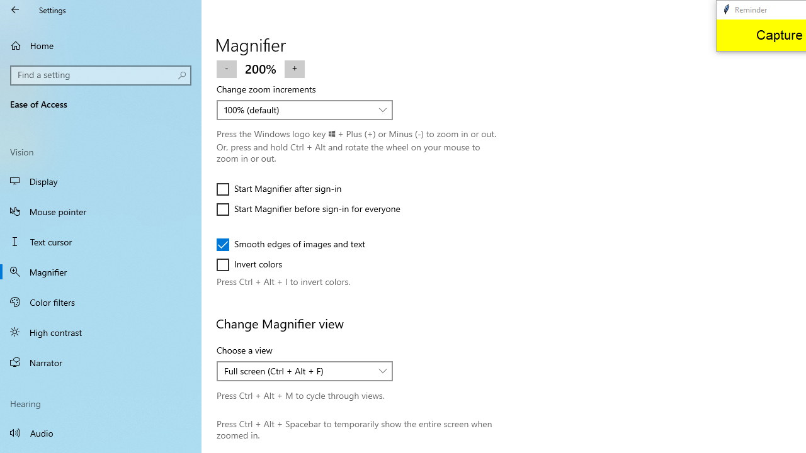  I want to click on 'High contrast', so click(101, 332).